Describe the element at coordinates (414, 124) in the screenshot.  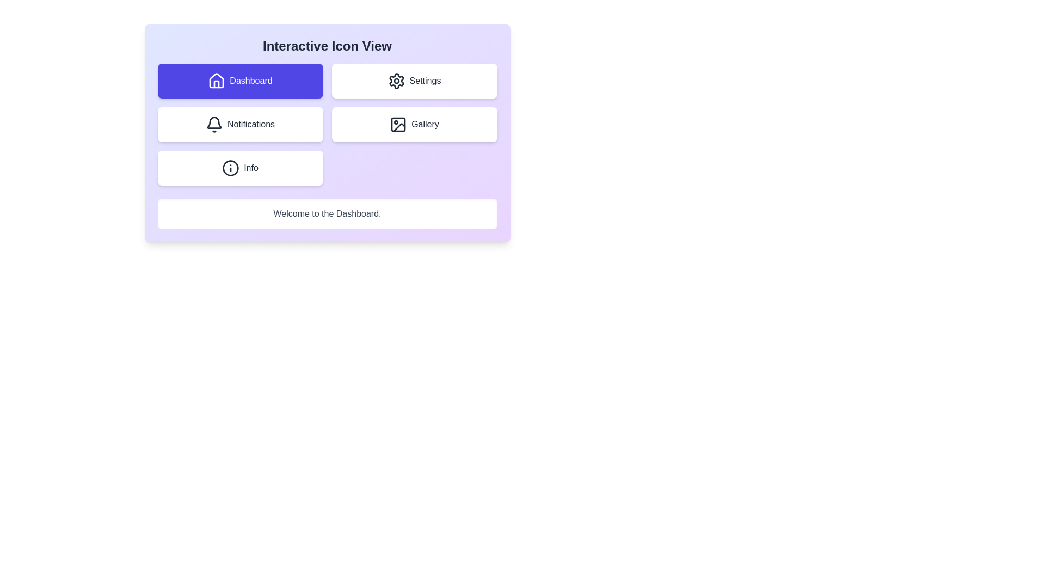
I see `the 'Gallery' button located in the bottom right quadrant of a 2x3 grid, positioned to the right of the 'Notifications' button and above the 'Info' button` at that location.